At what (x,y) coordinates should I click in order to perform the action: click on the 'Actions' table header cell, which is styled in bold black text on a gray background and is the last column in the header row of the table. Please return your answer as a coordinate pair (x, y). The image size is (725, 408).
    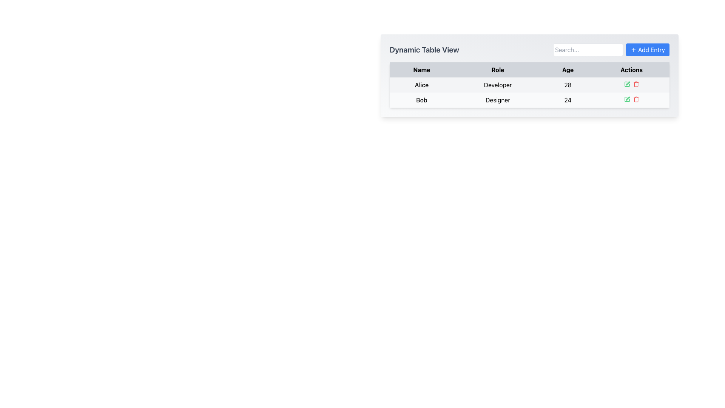
    Looking at the image, I should click on (631, 70).